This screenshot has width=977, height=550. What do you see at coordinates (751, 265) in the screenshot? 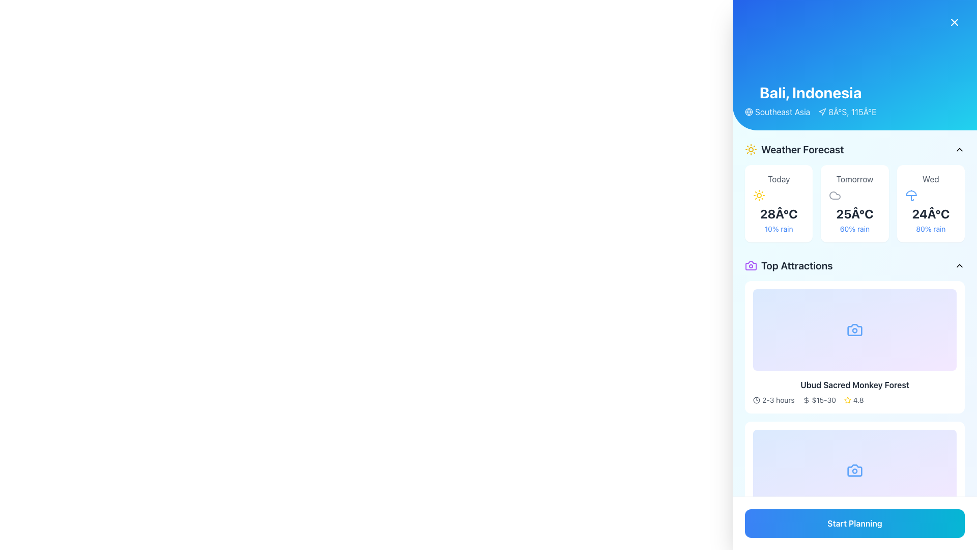
I see `the graphical icon located at the top-left corner of the 'Top Attractions' section, adjacent to its text heading` at bounding box center [751, 265].